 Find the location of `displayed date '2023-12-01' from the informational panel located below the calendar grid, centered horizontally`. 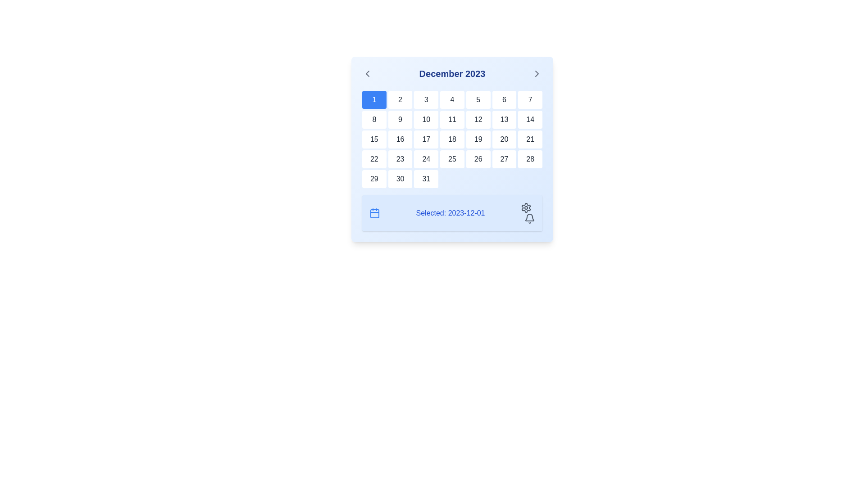

displayed date '2023-12-01' from the informational panel located below the calendar grid, centered horizontally is located at coordinates (452, 213).